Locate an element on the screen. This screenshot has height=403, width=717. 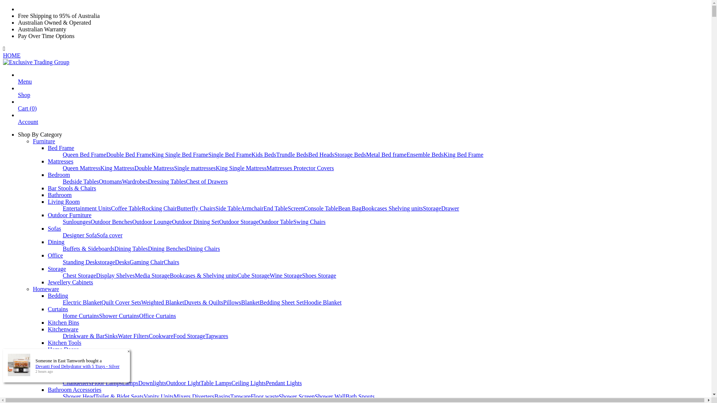
'Outdoor Benches' is located at coordinates (90, 221).